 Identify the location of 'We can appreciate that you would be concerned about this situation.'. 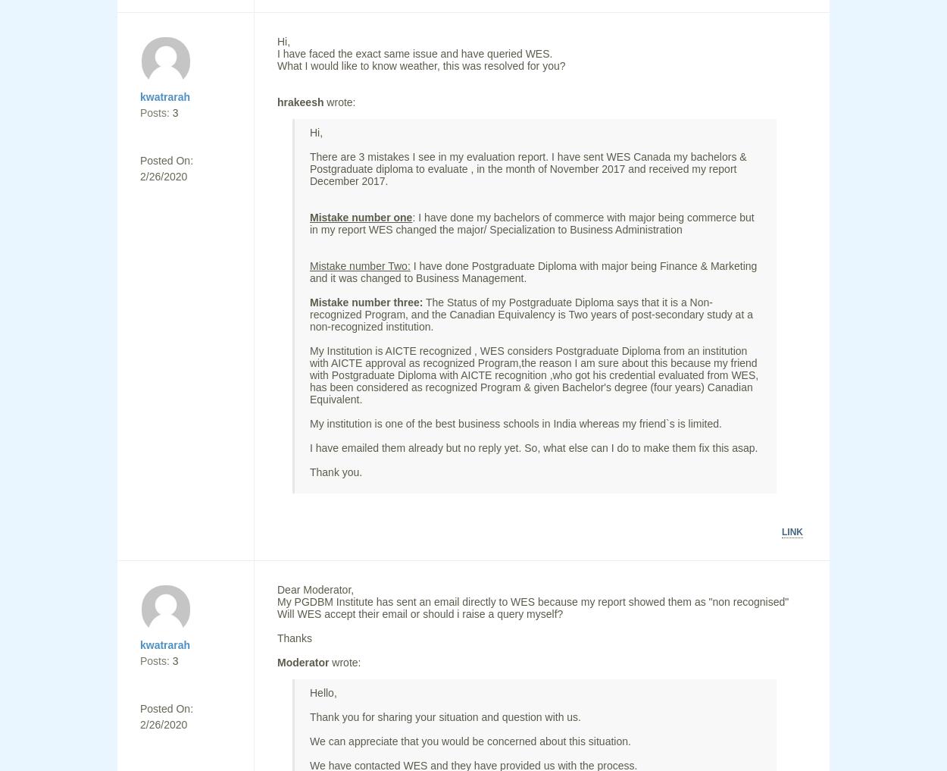
(469, 741).